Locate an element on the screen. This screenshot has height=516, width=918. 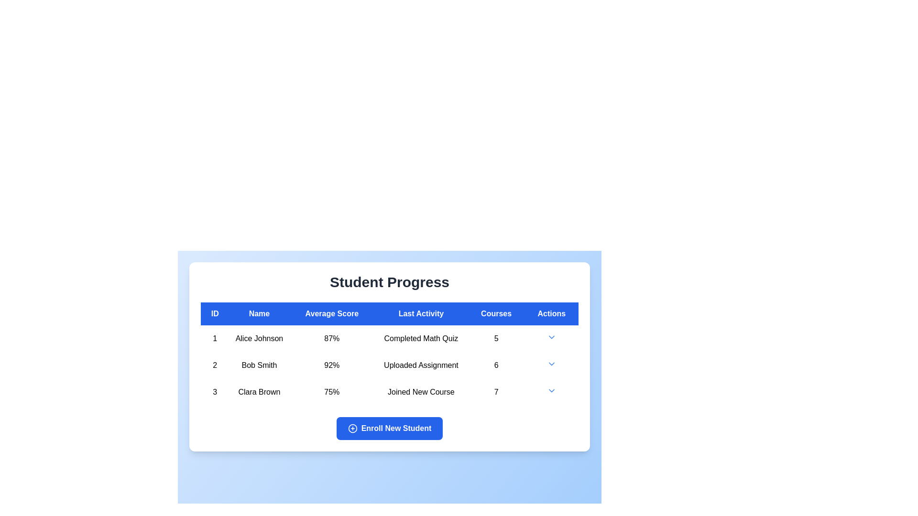
the 'Student Progress' header text, which is styled with bold and large font size, centrally aligned at the top of a white card-like panel is located at coordinates (390, 281).